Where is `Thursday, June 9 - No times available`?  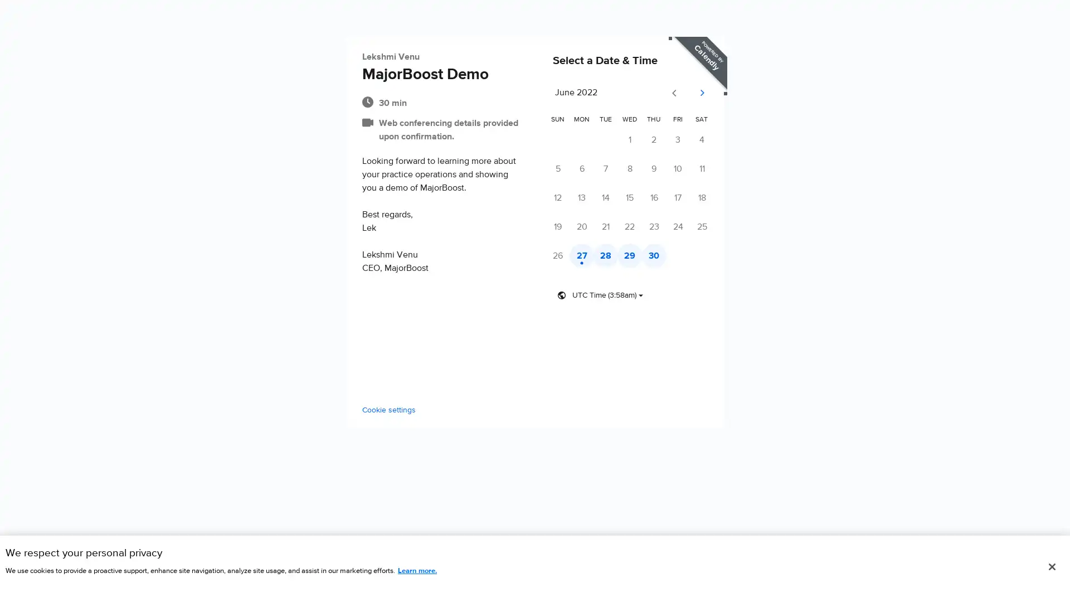
Thursday, June 9 - No times available is located at coordinates (674, 169).